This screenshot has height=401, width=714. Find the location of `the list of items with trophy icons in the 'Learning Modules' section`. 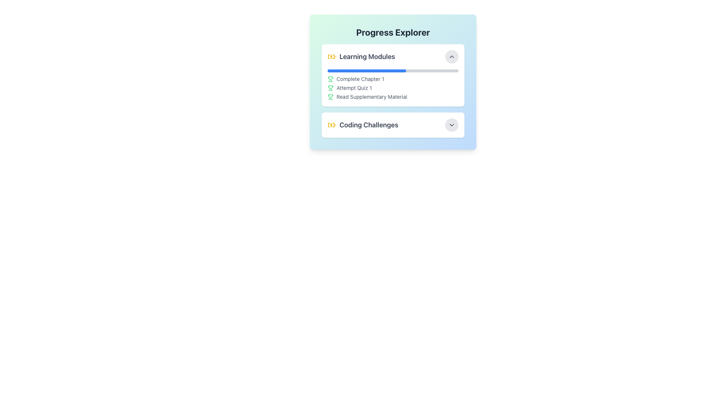

the list of items with trophy icons in the 'Learning Modules' section is located at coordinates (392, 84).